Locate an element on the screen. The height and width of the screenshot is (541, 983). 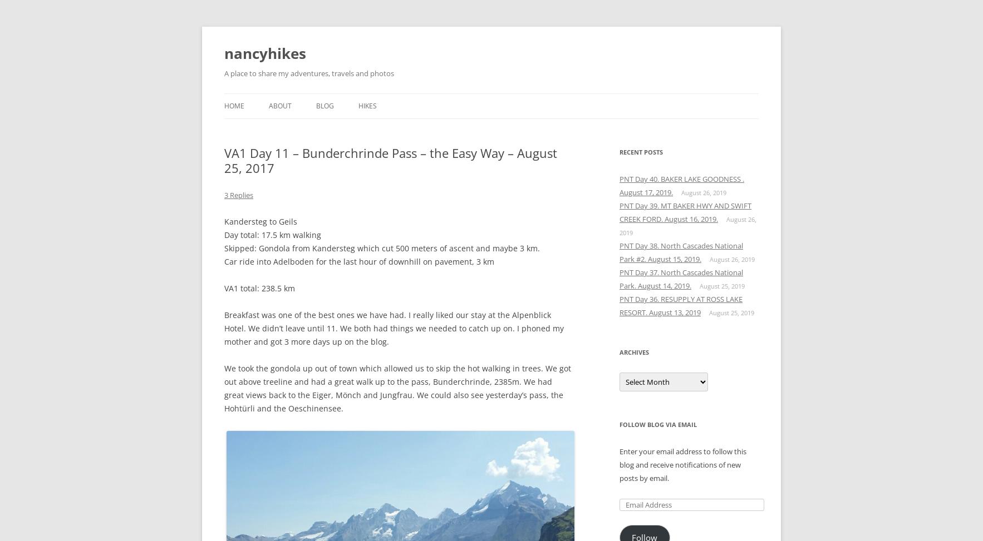
'VA1 total: 238.5 km' is located at coordinates (259, 287).